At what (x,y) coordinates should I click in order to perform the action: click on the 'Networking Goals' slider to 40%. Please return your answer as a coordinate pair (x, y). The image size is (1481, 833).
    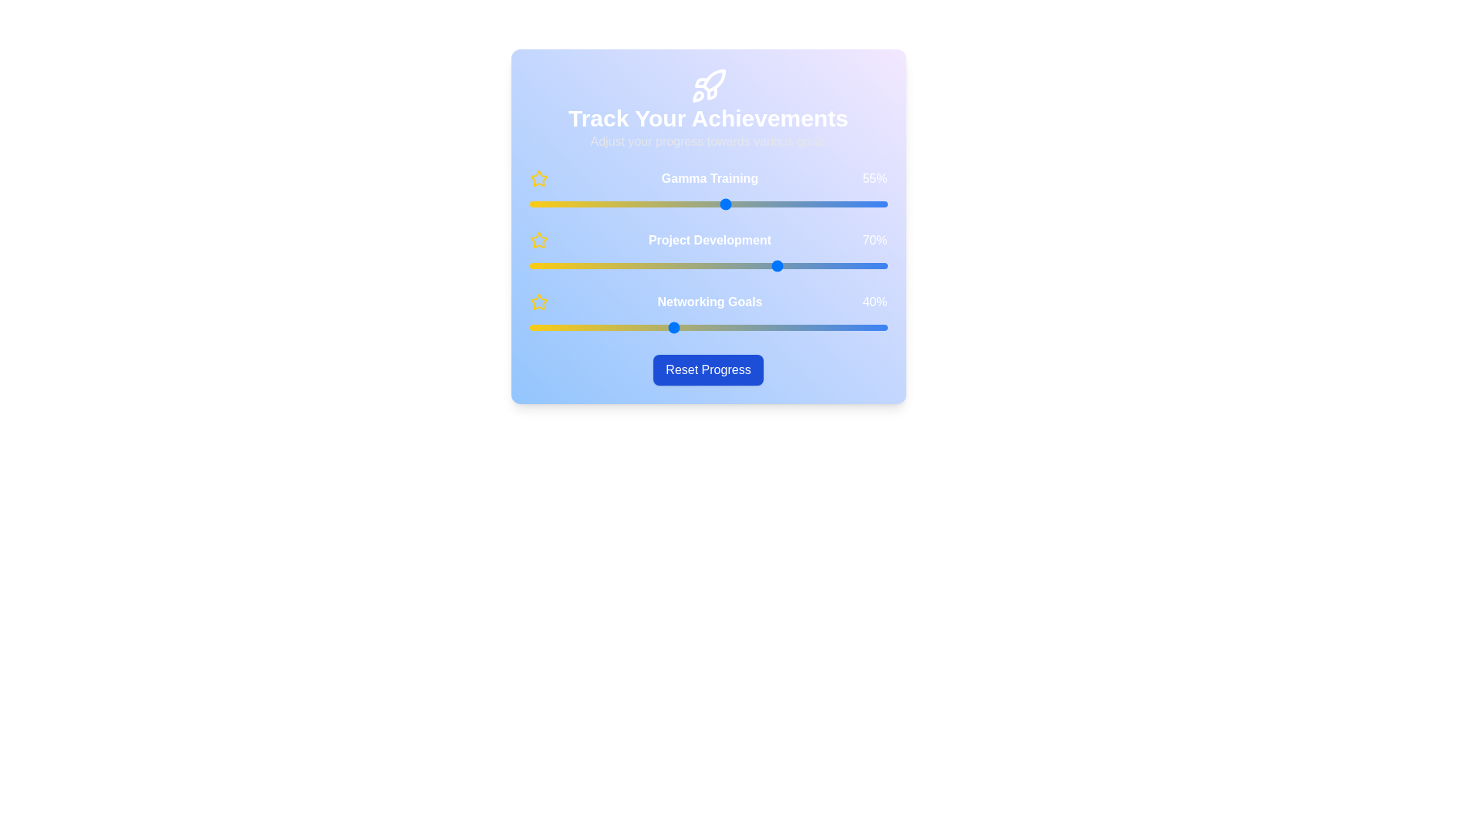
    Looking at the image, I should click on (673, 326).